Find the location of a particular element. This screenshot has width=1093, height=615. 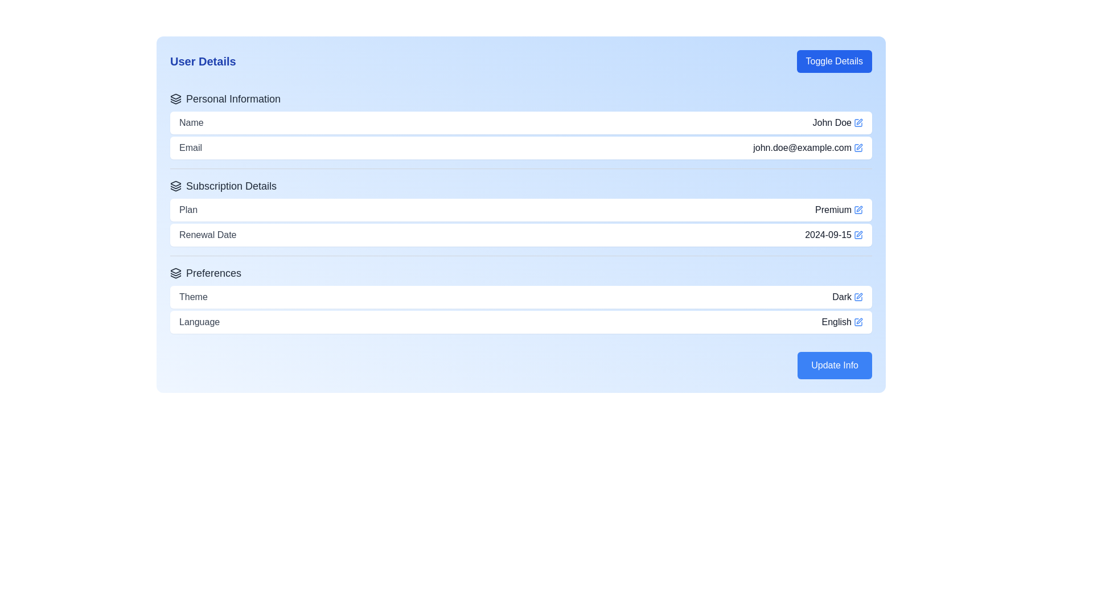

the text label displaying the subscription plan type 'Premium' located in the 'Subscription Details' section, specifically to the right of the 'Plan' text and adjacent to the edit icon is located at coordinates (839, 210).